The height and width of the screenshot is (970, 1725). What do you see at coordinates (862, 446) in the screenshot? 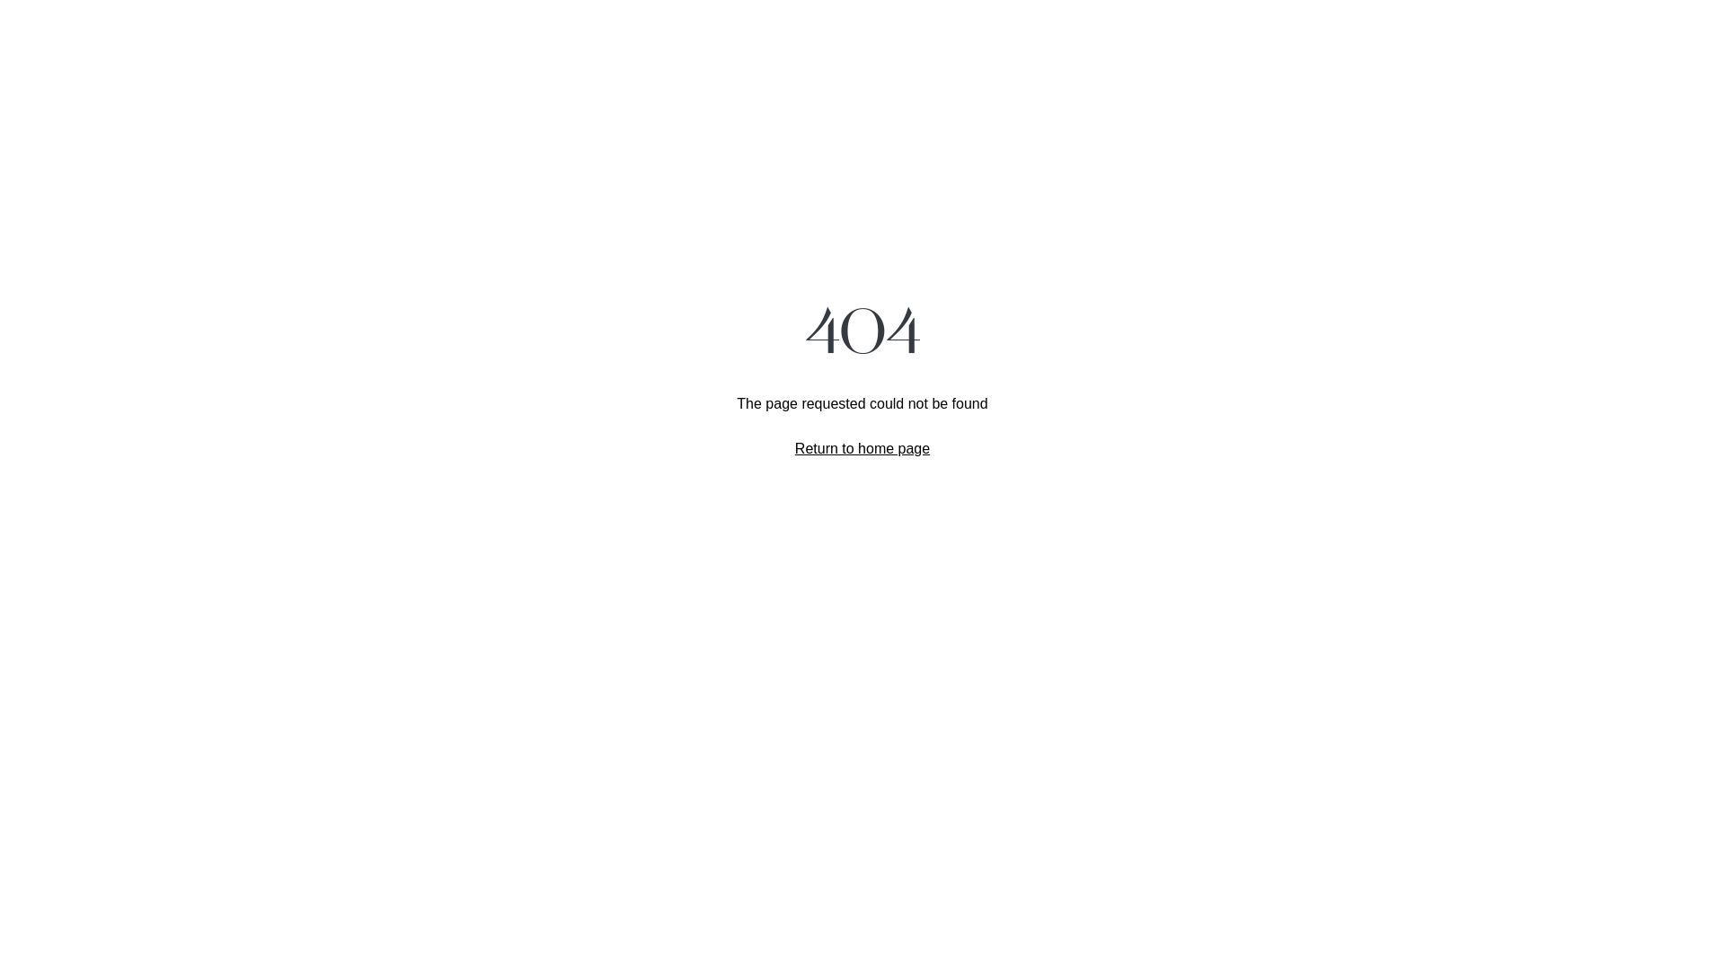
I see `'Return to home page'` at bounding box center [862, 446].